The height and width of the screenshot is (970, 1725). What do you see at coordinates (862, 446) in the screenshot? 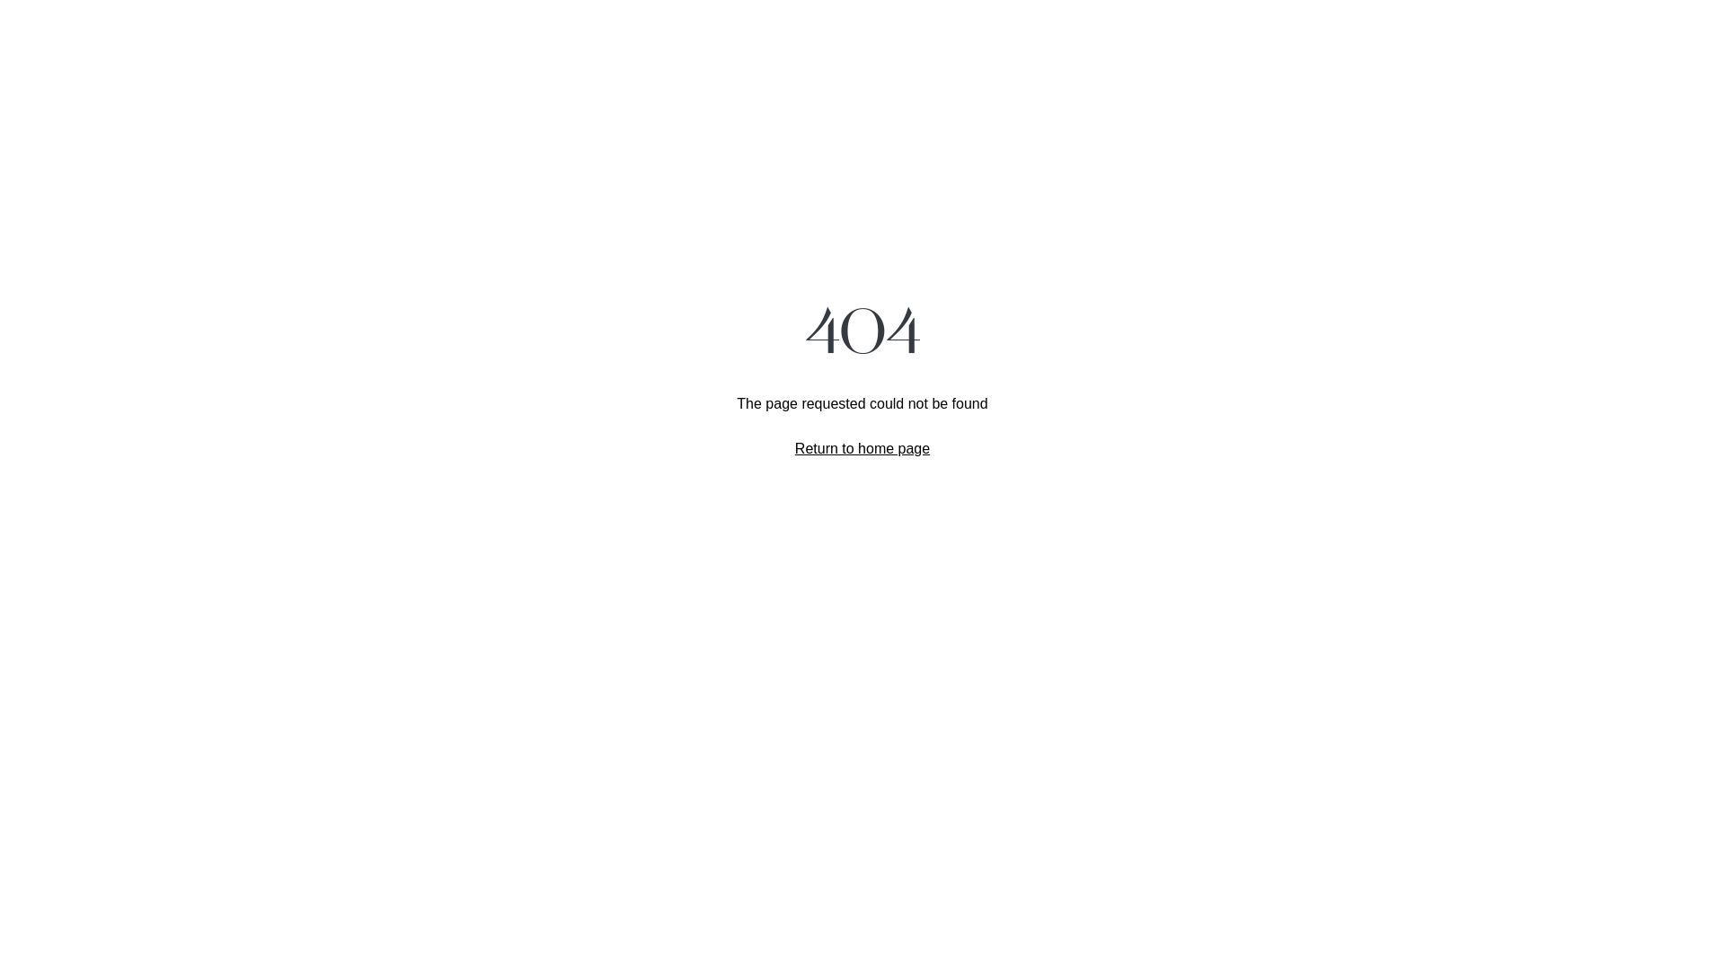
I see `'Return to home page'` at bounding box center [862, 446].